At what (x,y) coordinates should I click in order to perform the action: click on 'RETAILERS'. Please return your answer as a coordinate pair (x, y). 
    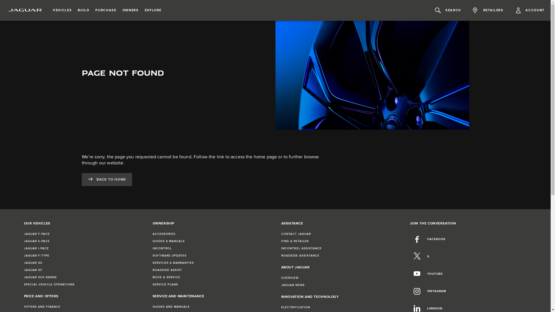
    Looking at the image, I should click on (488, 10).